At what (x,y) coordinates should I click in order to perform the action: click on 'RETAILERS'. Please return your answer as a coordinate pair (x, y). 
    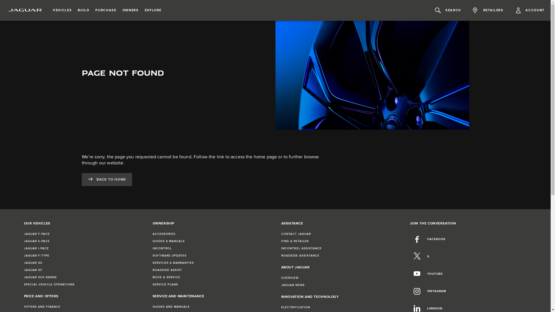
    Looking at the image, I should click on (488, 10).